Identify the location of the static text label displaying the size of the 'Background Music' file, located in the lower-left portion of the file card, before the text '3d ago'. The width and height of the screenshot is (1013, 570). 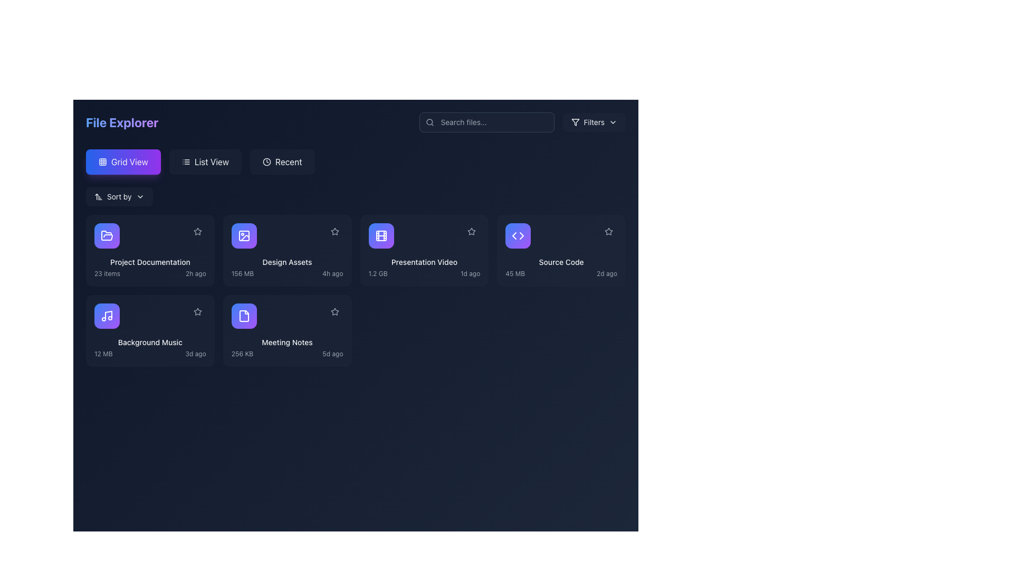
(103, 354).